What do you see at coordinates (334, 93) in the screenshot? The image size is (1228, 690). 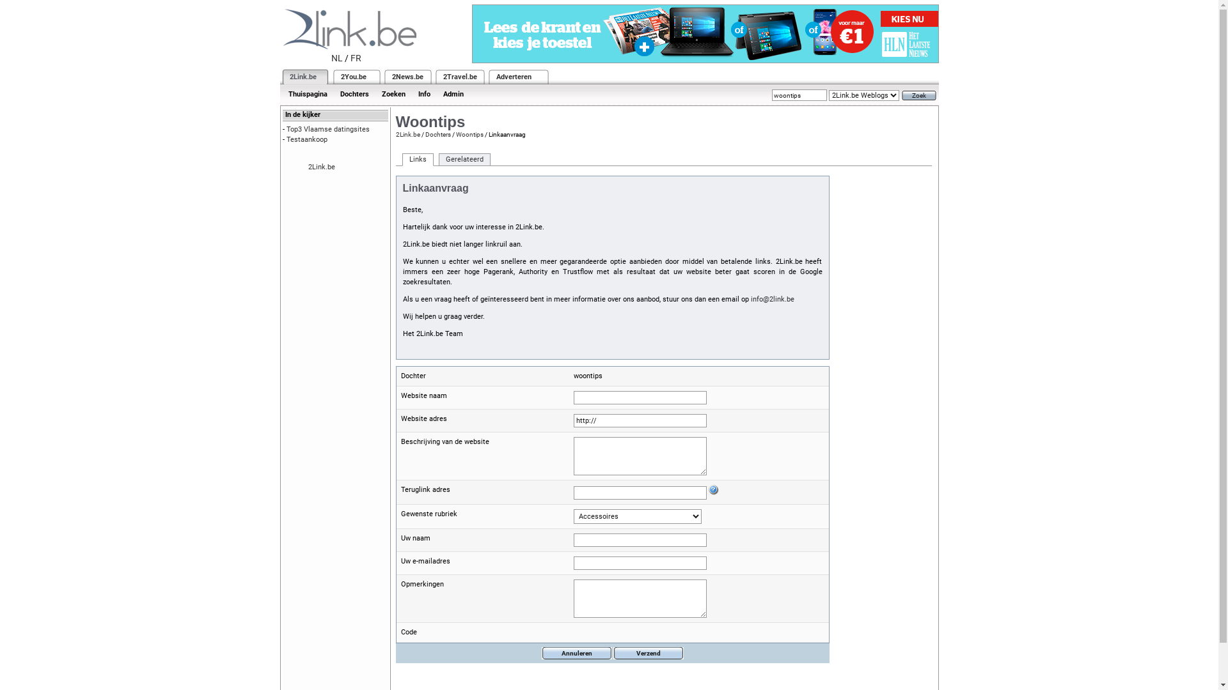 I see `'Dochters'` at bounding box center [334, 93].